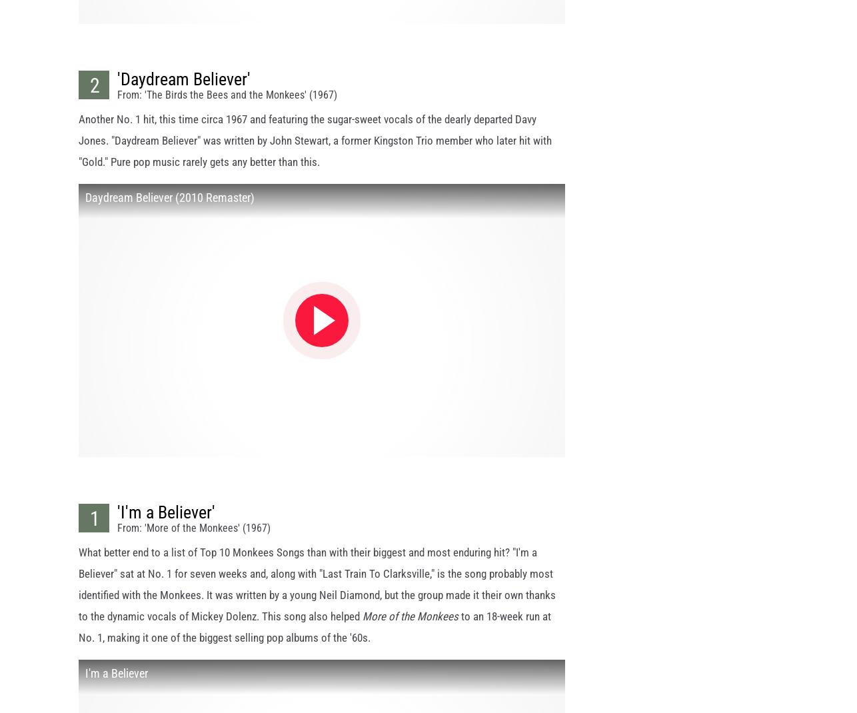 The width and height of the screenshot is (857, 713). Describe the element at coordinates (117, 107) in the screenshot. I see `'From: 'The Birds the Bees and the Monkees' (1967)'` at that location.